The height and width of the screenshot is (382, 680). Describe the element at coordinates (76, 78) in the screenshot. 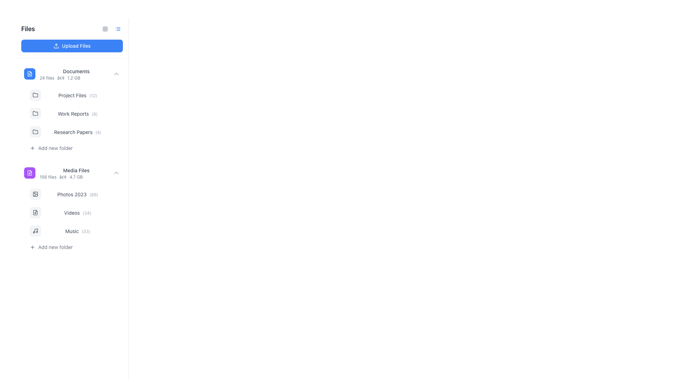

I see `the informational label that provides metadata about the 'Documents' folder, located below the 'Documents' heading and adjacent to the folder icon` at that location.